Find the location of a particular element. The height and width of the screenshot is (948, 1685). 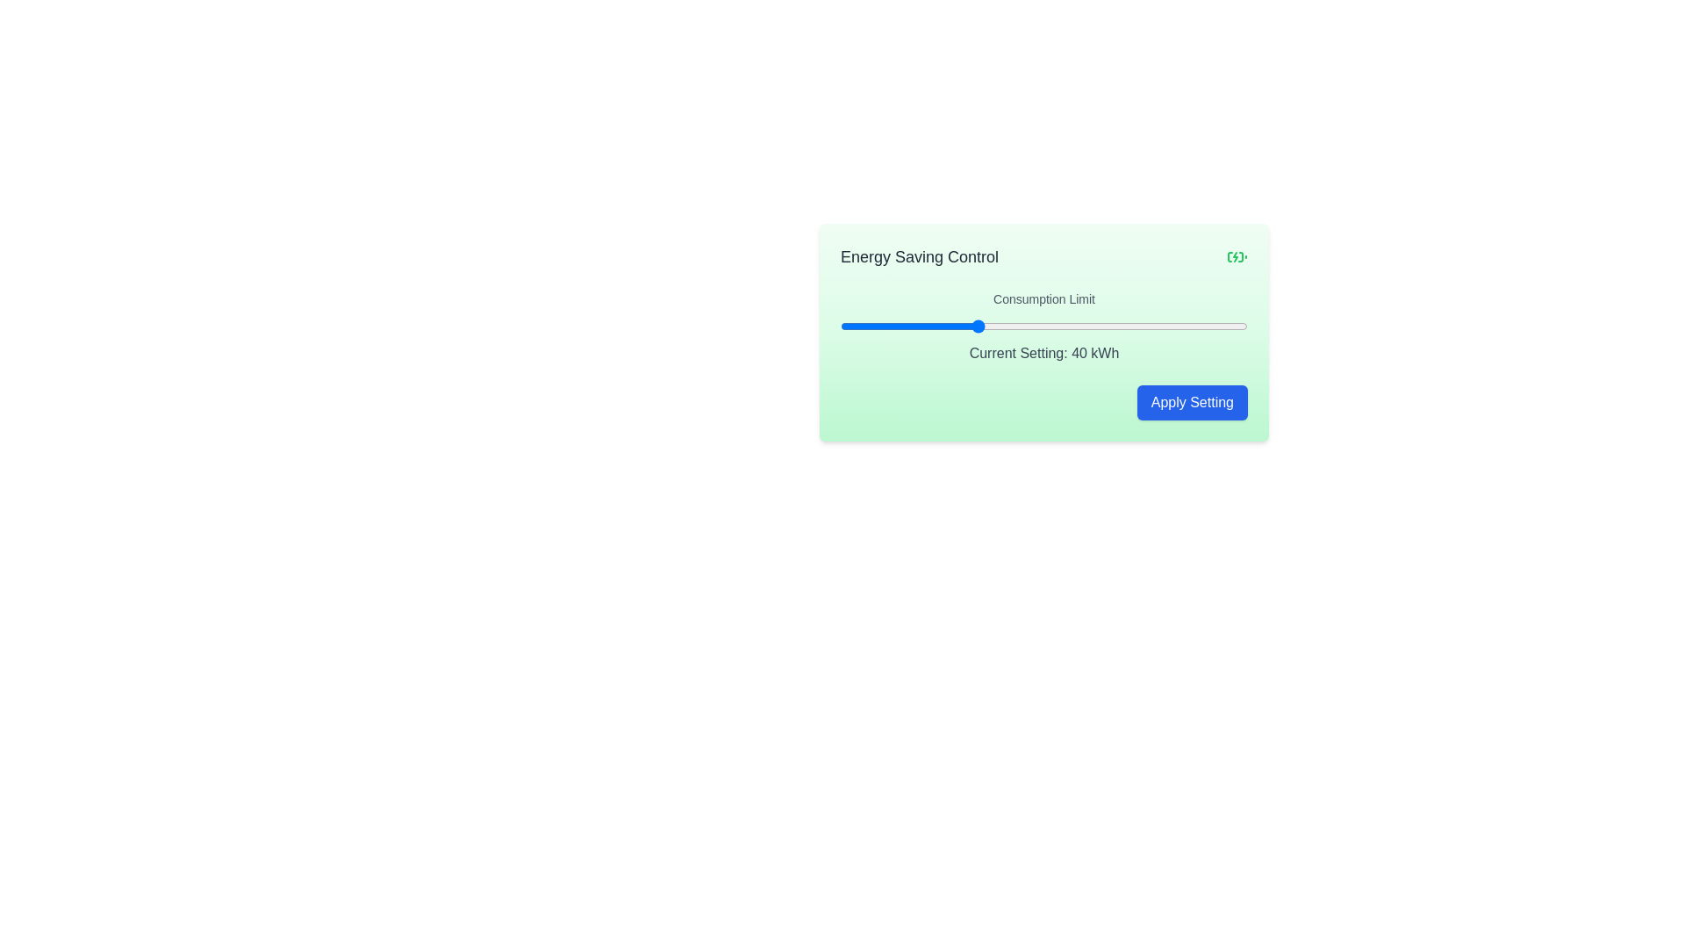

the consumption limit slider to set the value to 40 is located at coordinates (975, 326).